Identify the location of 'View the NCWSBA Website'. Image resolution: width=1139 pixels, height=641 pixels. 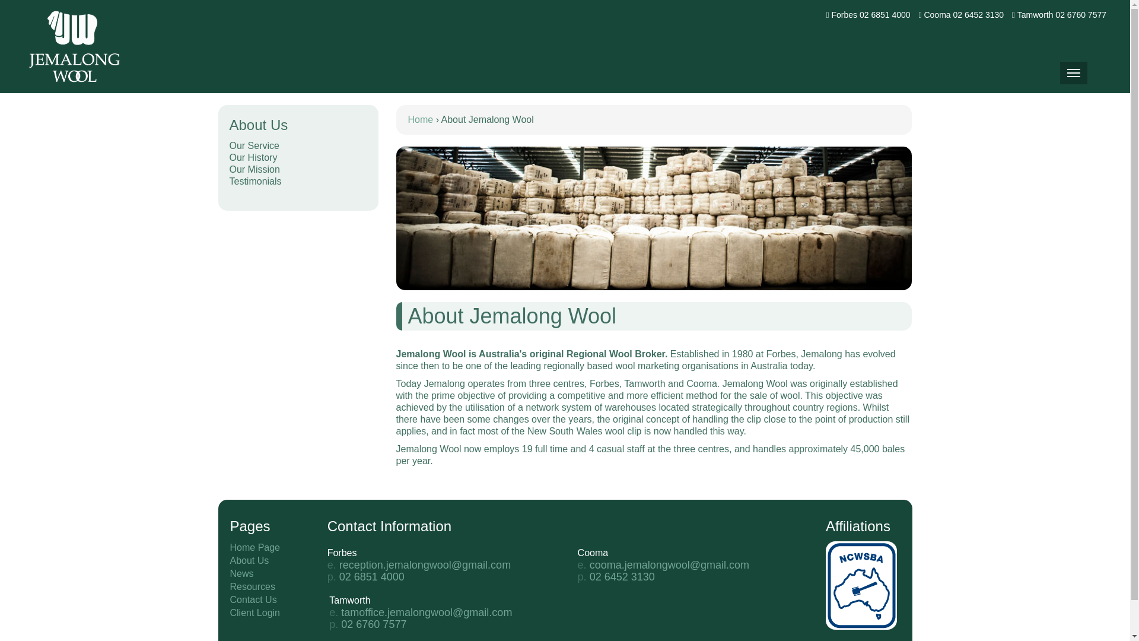
(825, 583).